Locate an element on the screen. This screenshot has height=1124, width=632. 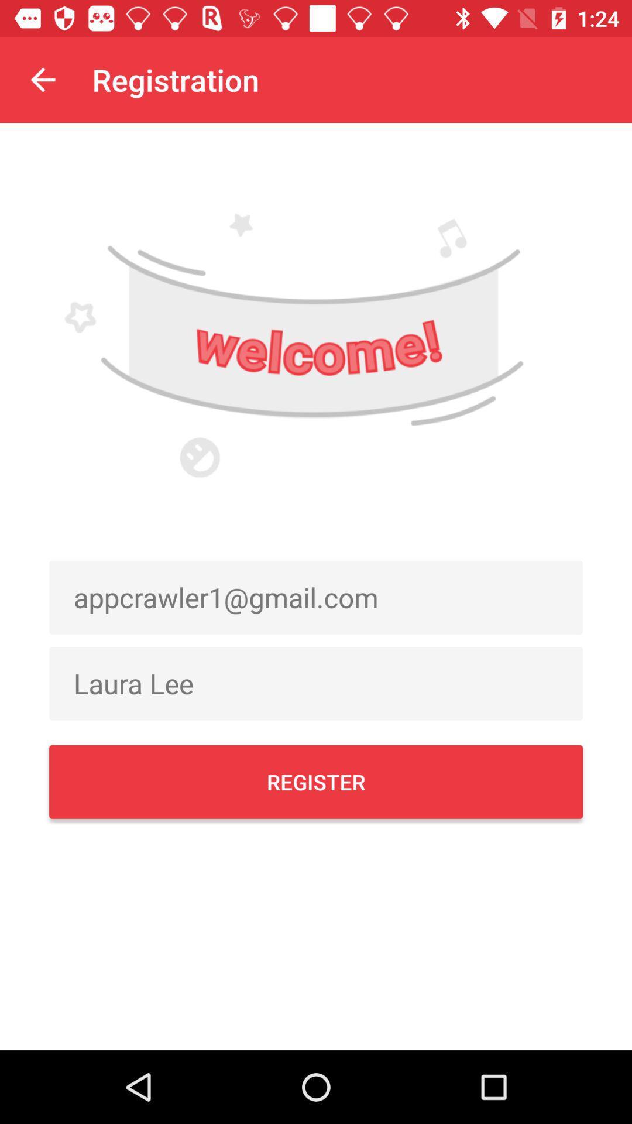
the item next to registration icon is located at coordinates (42, 79).